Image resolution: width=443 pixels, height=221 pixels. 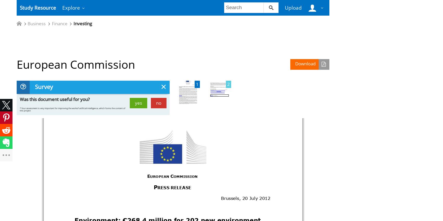 I want to click on 'Upload', so click(x=293, y=7).